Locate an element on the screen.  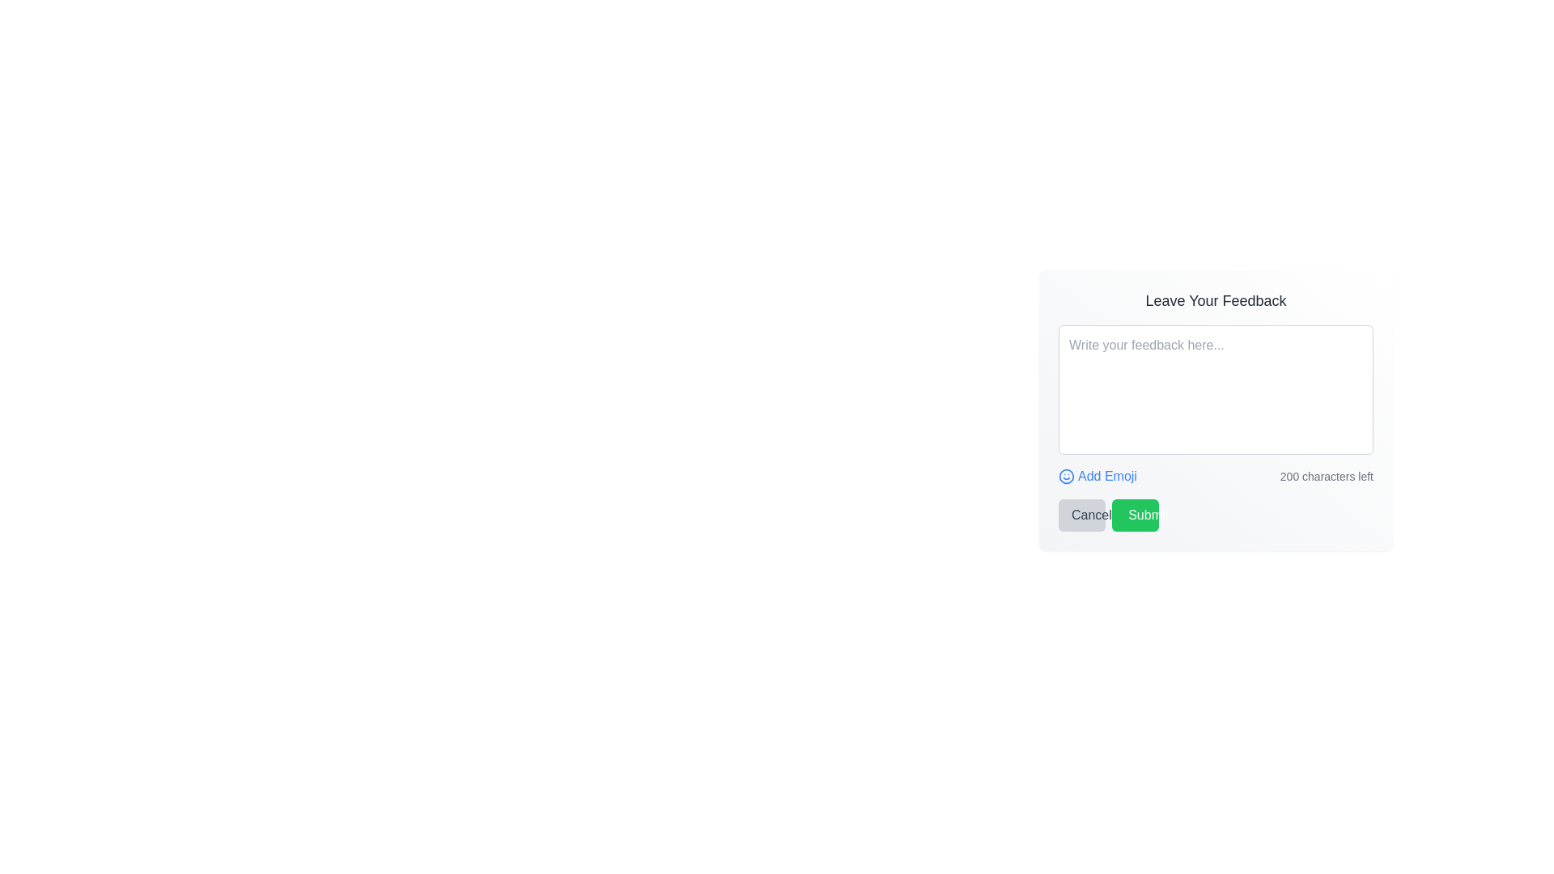
the small smiley face icon located to the left of the 'Add Emoji' text is located at coordinates (1067, 476).